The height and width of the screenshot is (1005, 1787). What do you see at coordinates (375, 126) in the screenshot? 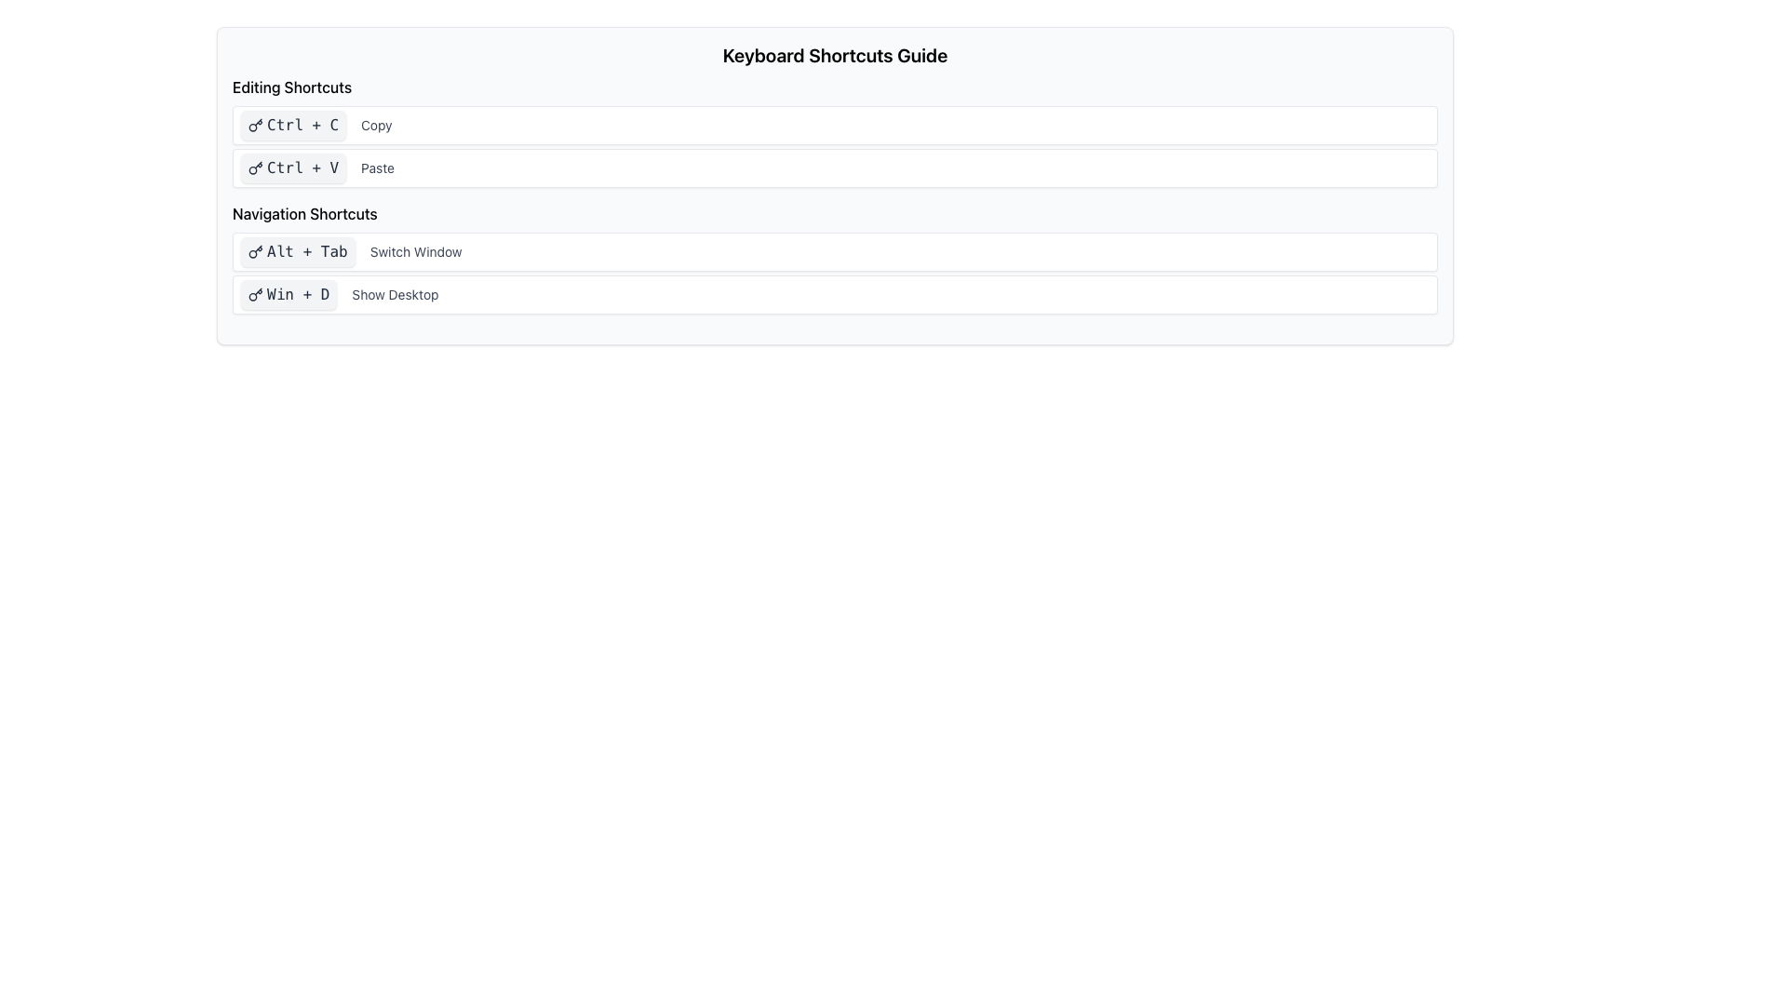
I see `the 'Copy' text label, which is a small dark gray font label located under the 'Editing Shortcuts' section, to the right of the 'Ctrl + C' label` at bounding box center [375, 126].